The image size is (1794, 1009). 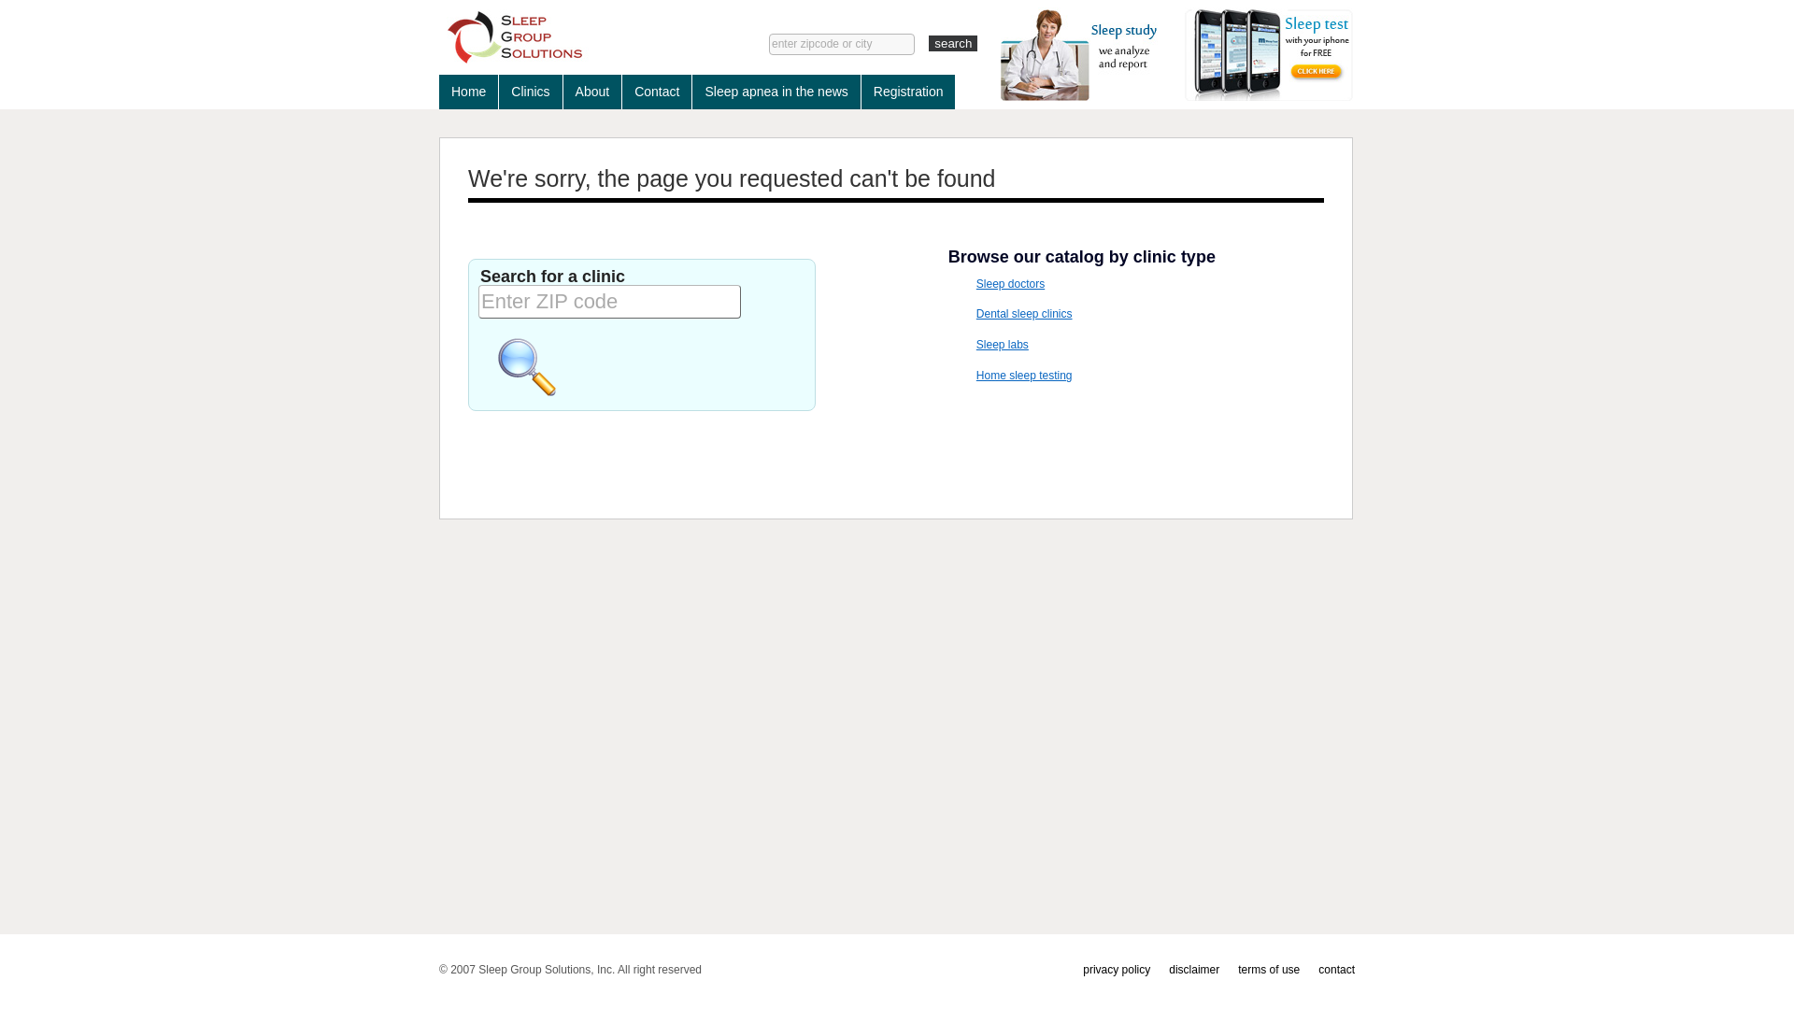 I want to click on 'Home sleep testing', so click(x=1023, y=375).